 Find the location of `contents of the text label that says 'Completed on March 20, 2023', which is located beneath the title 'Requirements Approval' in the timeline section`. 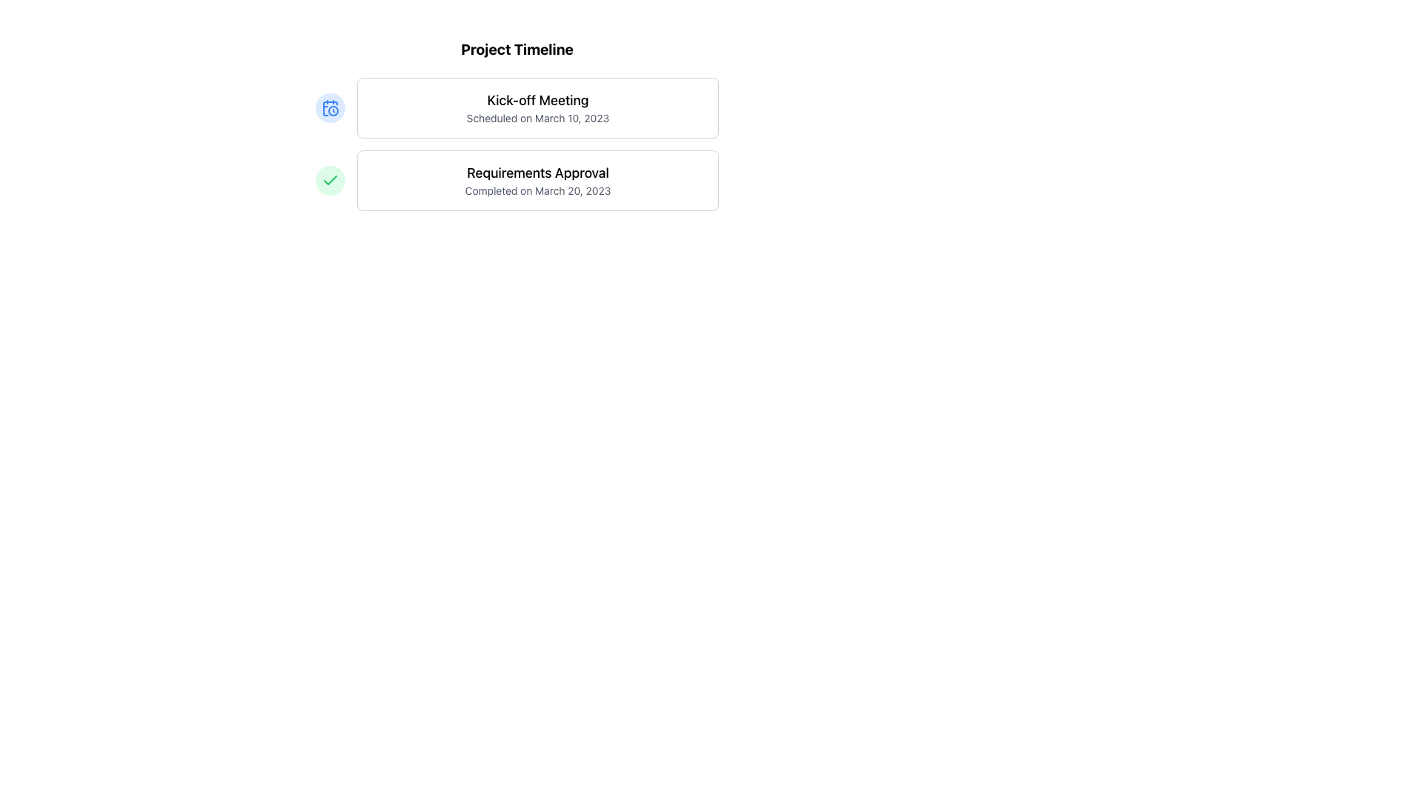

contents of the text label that says 'Completed on March 20, 2023', which is located beneath the title 'Requirements Approval' in the timeline section is located at coordinates (537, 190).